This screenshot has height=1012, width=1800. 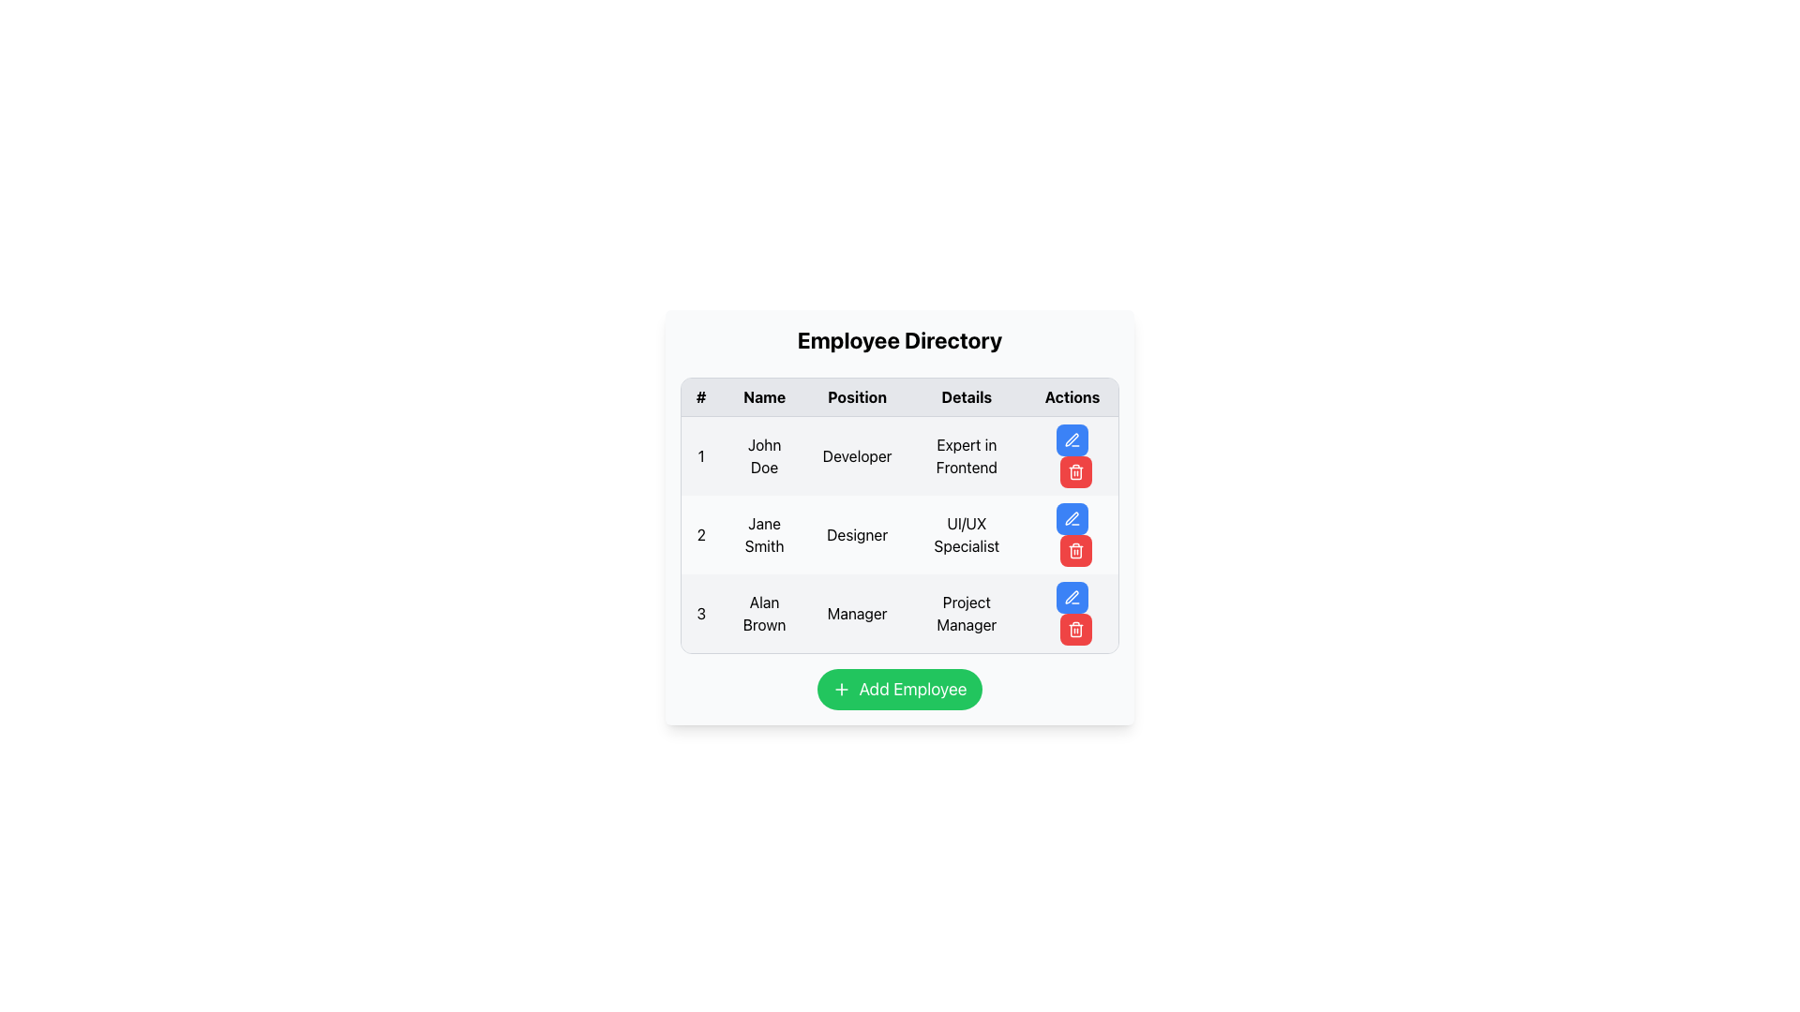 I want to click on the bold, large text heading element reading 'Employee Directory' that is centered above the employee table, so click(x=900, y=339).